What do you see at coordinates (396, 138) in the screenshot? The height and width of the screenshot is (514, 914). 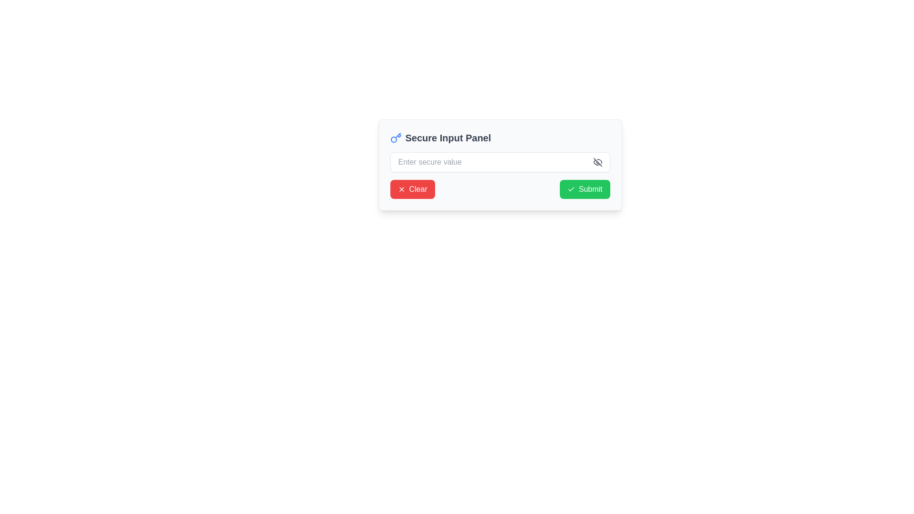 I see `the blue key icon with a circular structure located in the 'Secure Input Panel' header section, adjacent to the 'Secure Input Panel' text label` at bounding box center [396, 138].